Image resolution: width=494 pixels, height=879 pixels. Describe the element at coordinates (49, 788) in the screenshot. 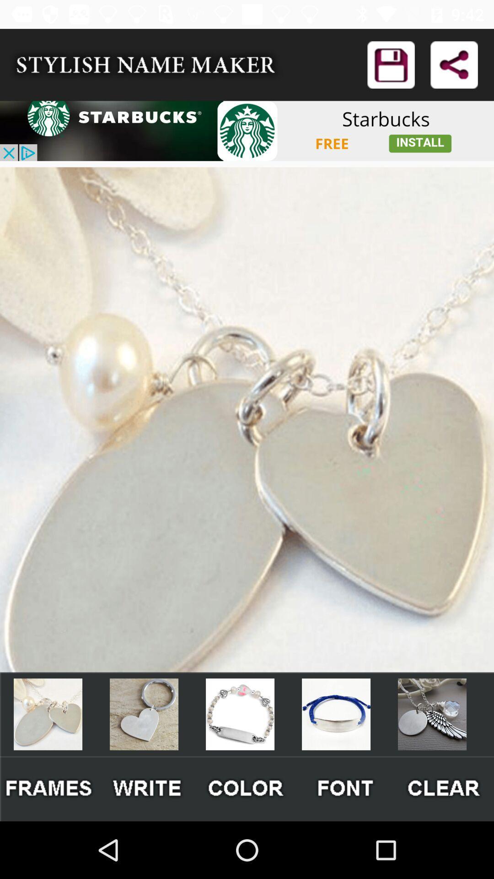

I see `frames` at that location.